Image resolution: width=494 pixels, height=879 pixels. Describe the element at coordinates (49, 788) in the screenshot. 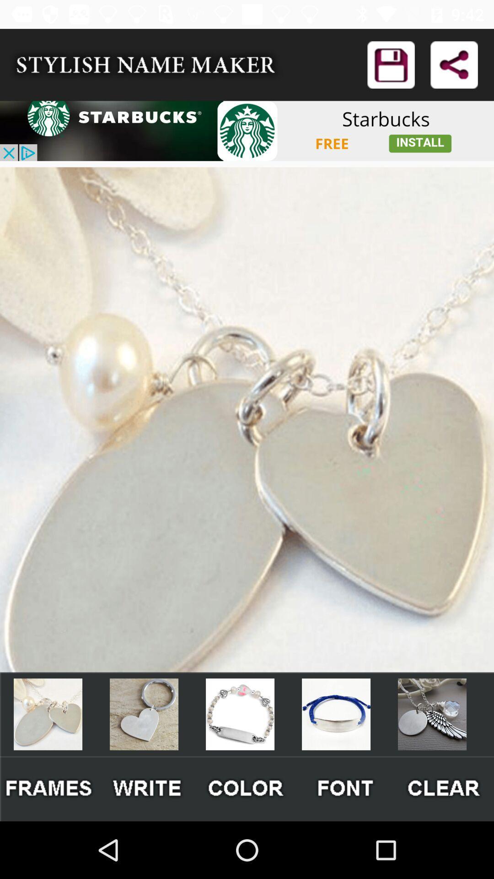

I see `frames` at that location.